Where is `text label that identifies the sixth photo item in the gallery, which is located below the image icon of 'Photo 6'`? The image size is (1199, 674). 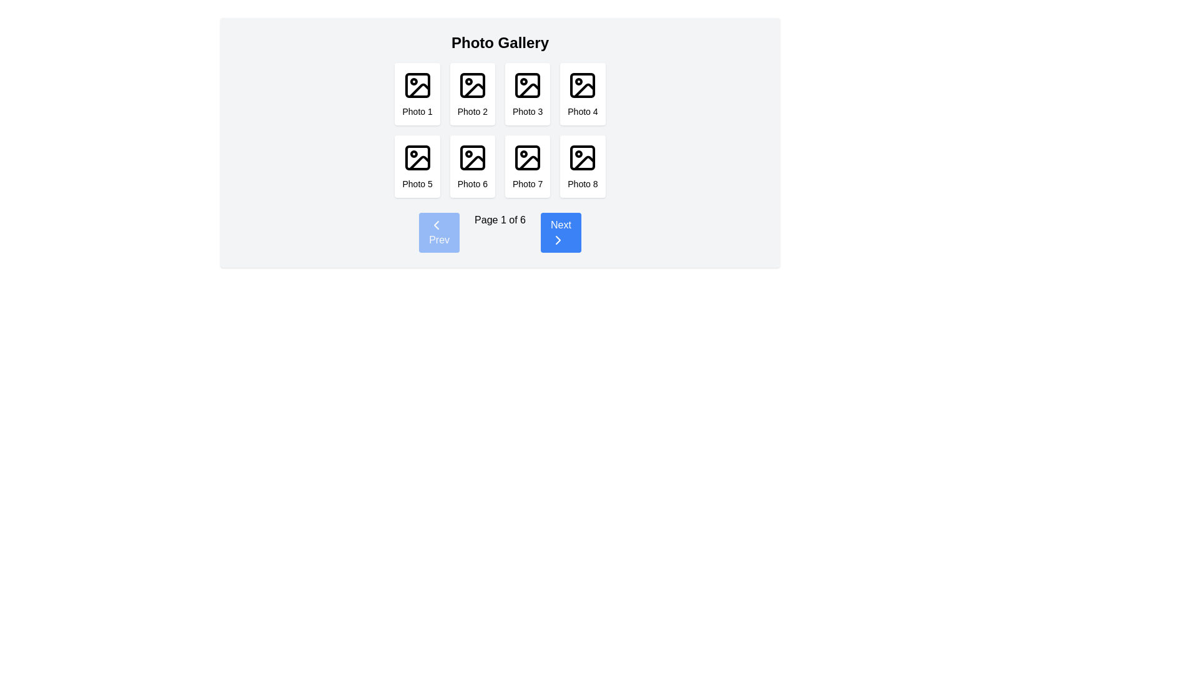 text label that identifies the sixth photo item in the gallery, which is located below the image icon of 'Photo 6' is located at coordinates (471, 183).